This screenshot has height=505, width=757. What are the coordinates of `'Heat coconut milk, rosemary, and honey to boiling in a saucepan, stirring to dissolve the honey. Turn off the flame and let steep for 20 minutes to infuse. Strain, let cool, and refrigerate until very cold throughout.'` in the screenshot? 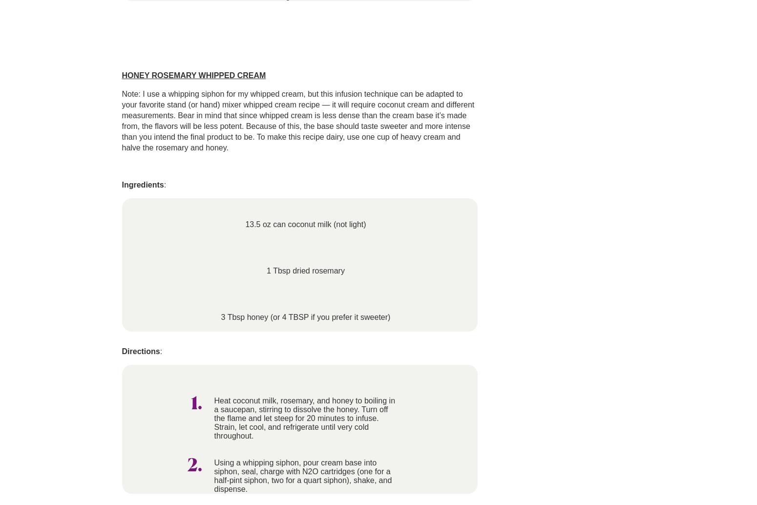 It's located at (304, 418).